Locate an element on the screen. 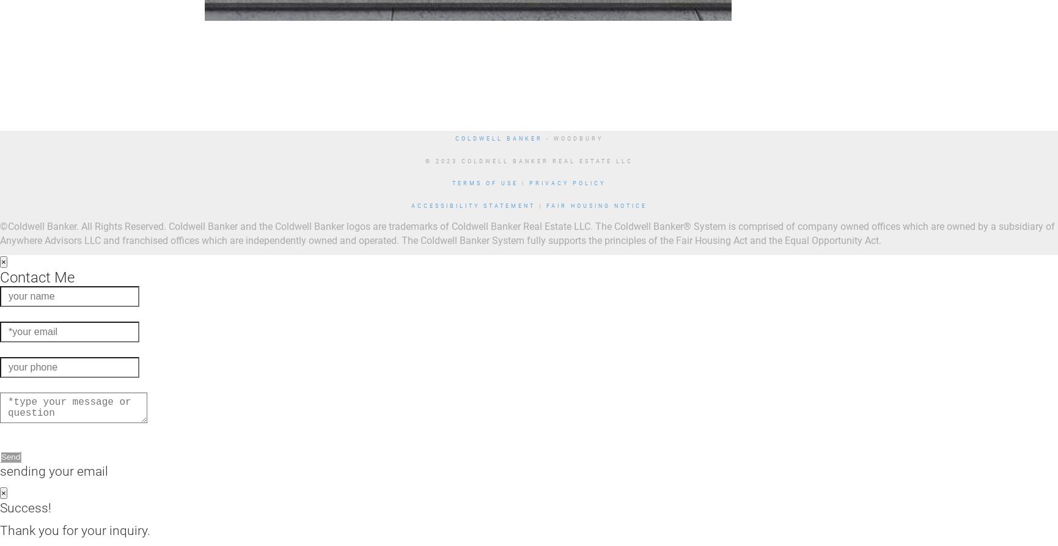 This screenshot has height=546, width=1058. 'Name looks great.' is located at coordinates (37, 312).